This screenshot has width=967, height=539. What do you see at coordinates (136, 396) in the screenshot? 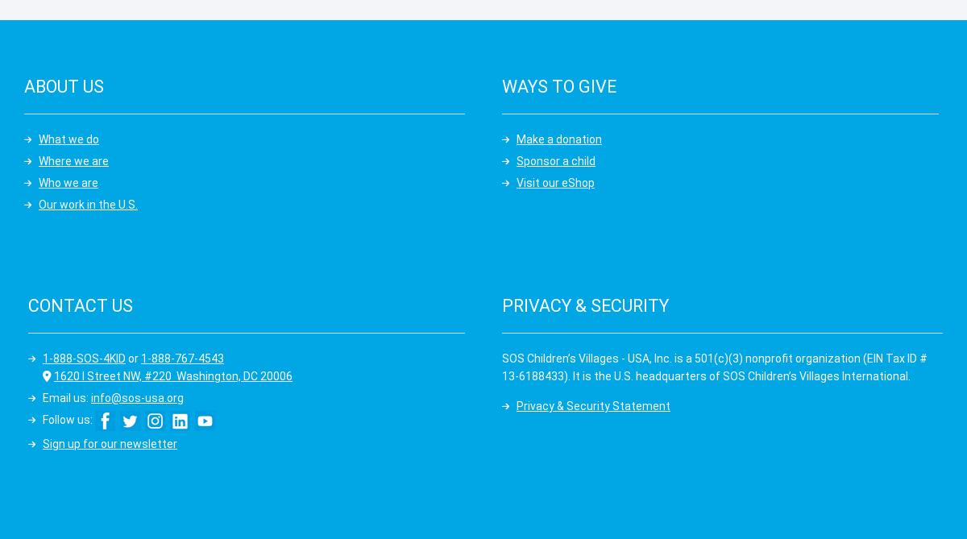
I see `'info@sos-usa.org'` at bounding box center [136, 396].